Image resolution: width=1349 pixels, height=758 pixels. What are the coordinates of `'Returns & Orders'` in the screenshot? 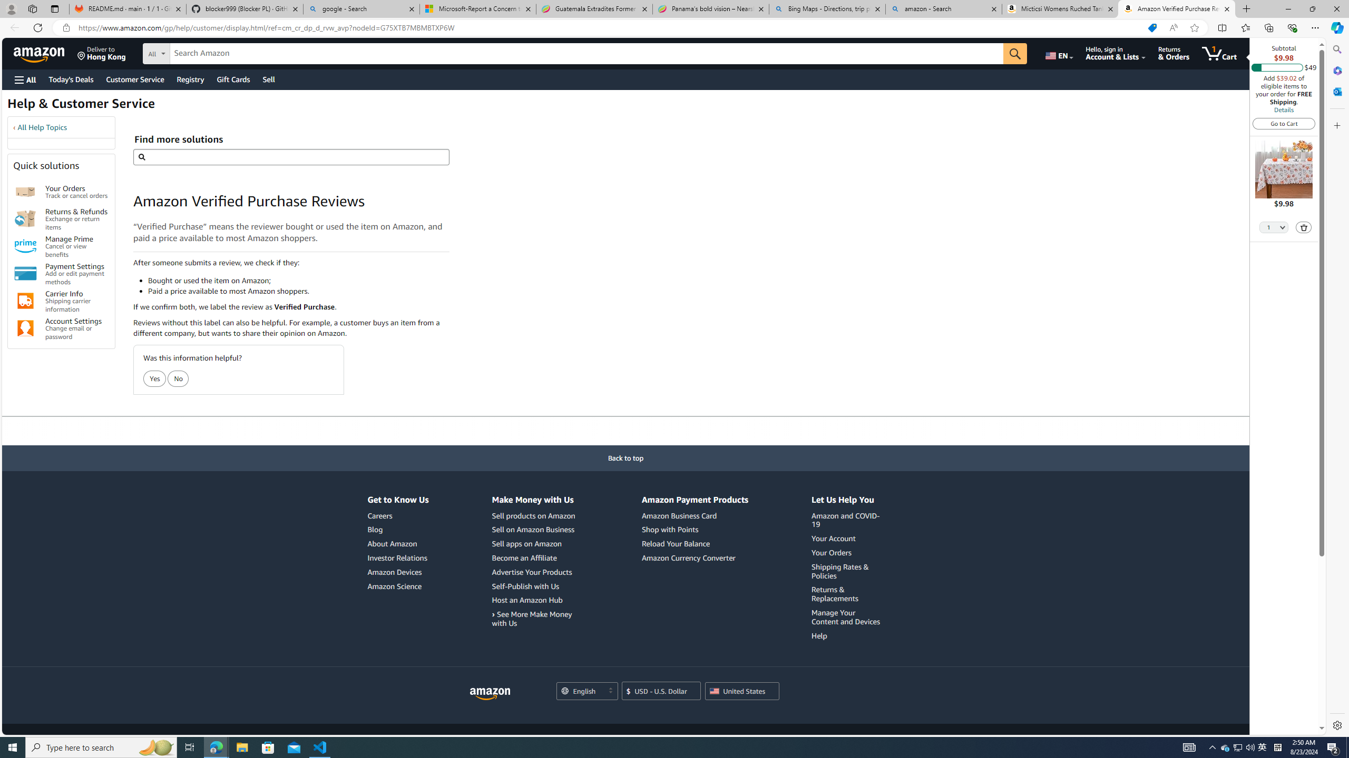 It's located at (1173, 53).